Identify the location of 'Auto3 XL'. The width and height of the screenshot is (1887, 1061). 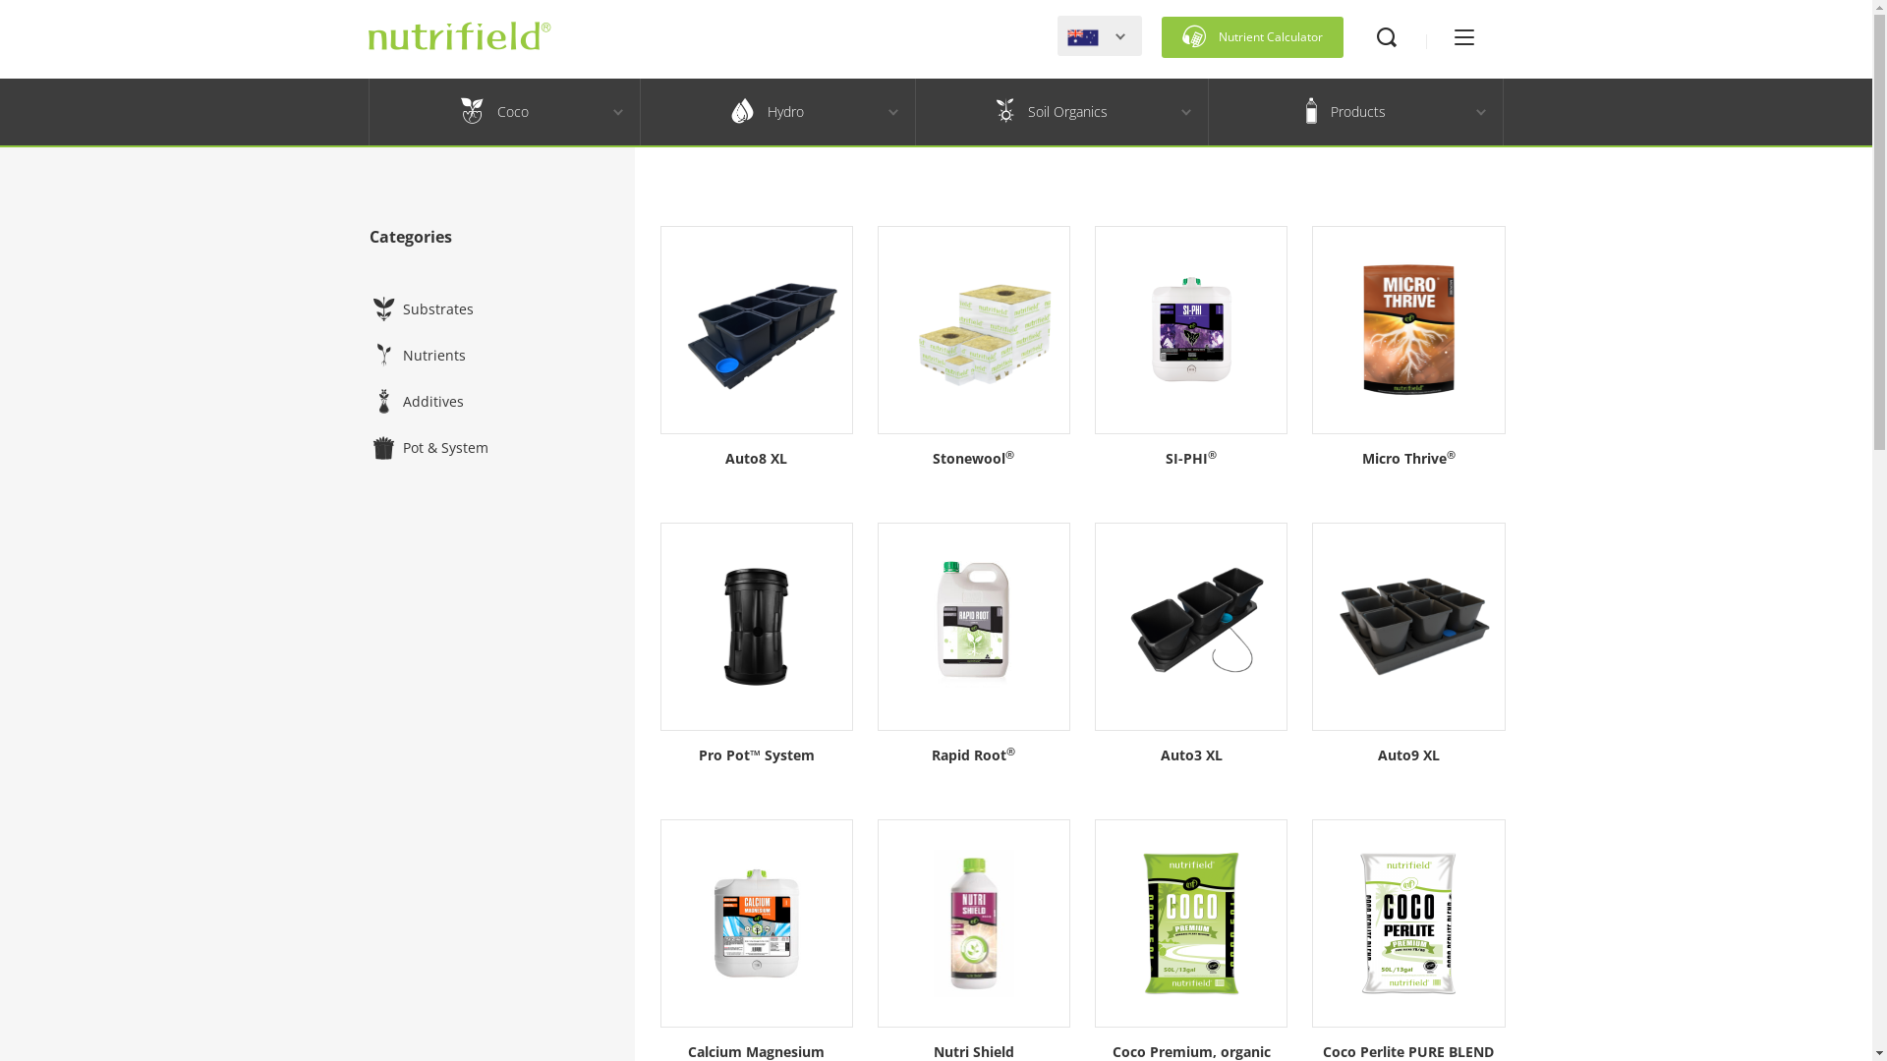
(1189, 665).